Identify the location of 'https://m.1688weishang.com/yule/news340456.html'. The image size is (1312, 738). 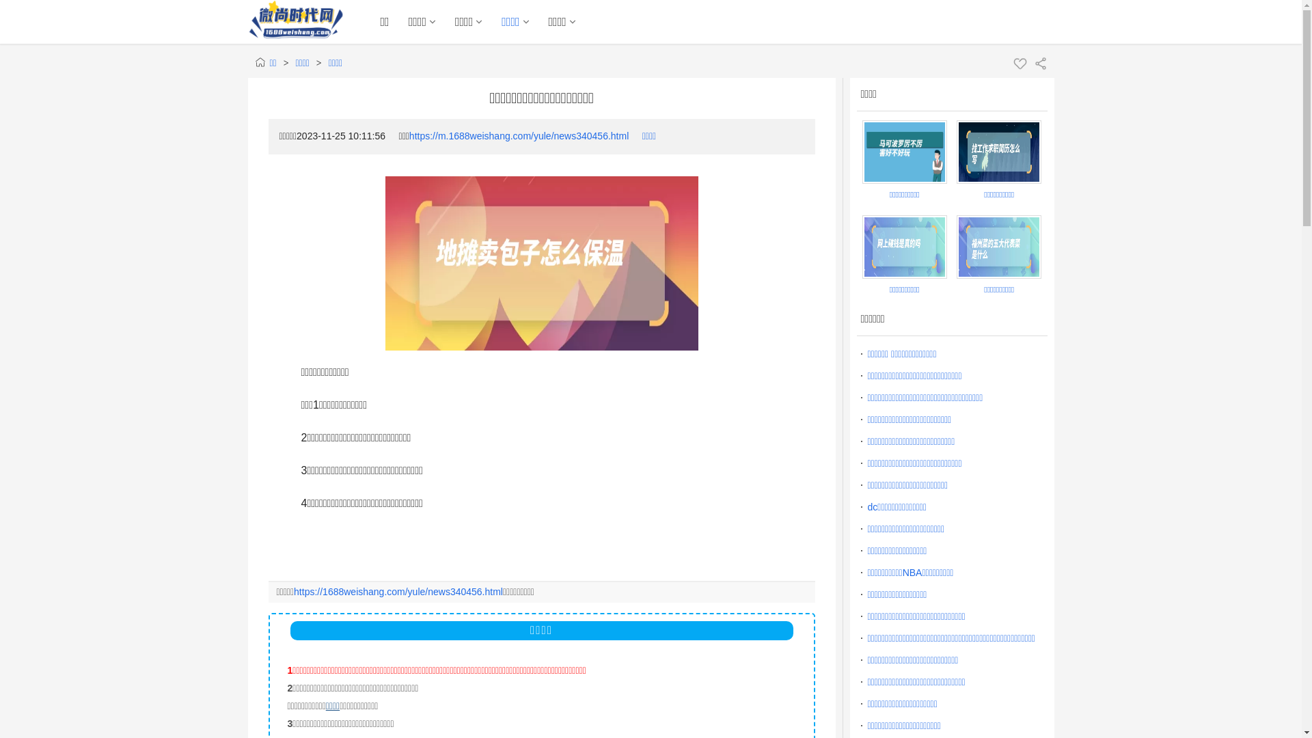
(518, 136).